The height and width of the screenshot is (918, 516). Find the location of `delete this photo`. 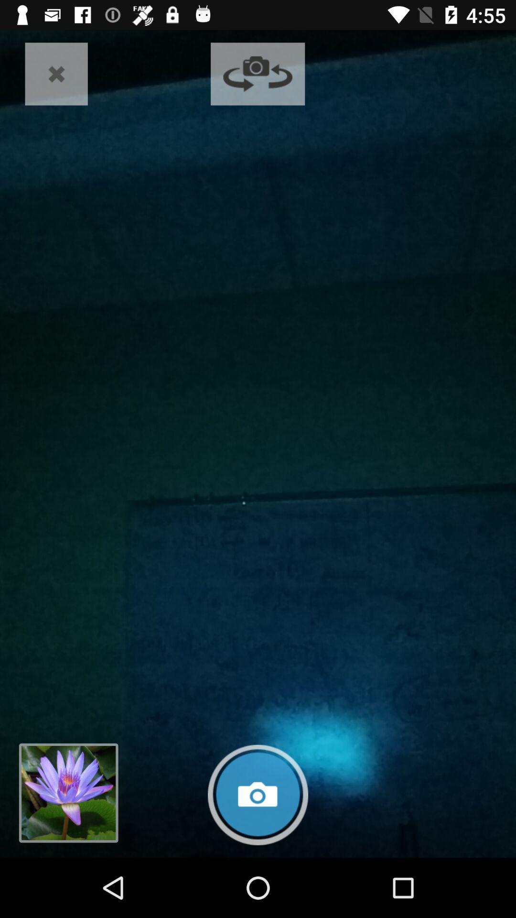

delete this photo is located at coordinates (56, 73).